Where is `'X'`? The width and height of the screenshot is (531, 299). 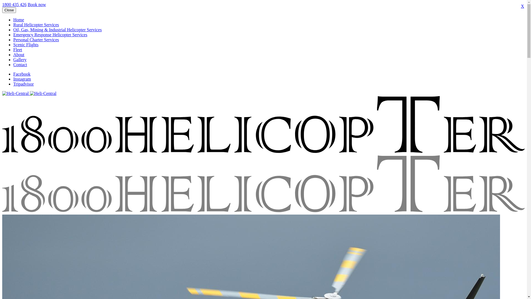 'X' is located at coordinates (522, 6).